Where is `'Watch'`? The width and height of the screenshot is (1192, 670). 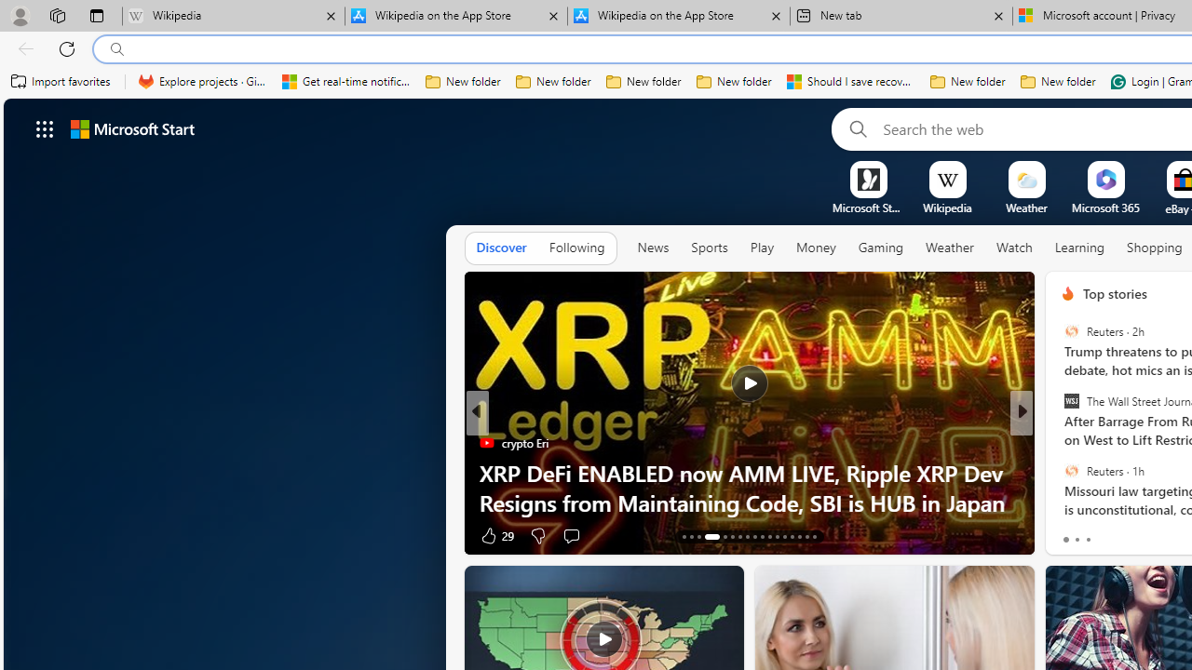 'Watch' is located at coordinates (1013, 248).